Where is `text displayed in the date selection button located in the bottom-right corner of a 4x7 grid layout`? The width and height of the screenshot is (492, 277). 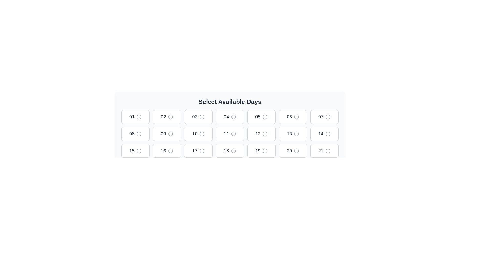 text displayed in the date selection button located in the bottom-right corner of a 4x7 grid layout is located at coordinates (321, 150).